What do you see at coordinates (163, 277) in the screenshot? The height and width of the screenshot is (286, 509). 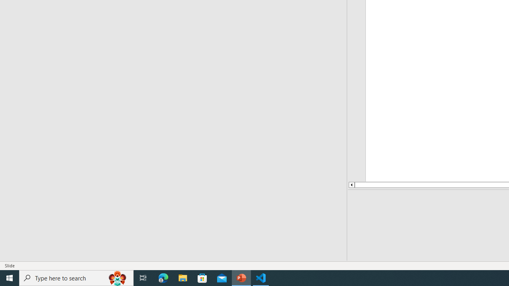 I see `'Microsoft Edge'` at bounding box center [163, 277].